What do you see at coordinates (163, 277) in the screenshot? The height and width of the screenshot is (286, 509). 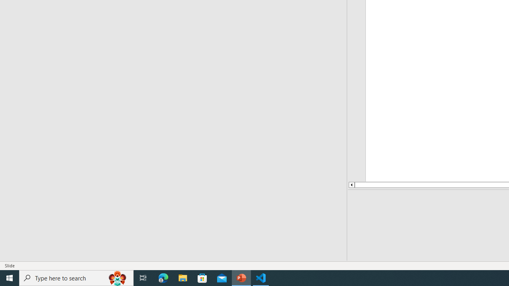 I see `'Microsoft Edge'` at bounding box center [163, 277].